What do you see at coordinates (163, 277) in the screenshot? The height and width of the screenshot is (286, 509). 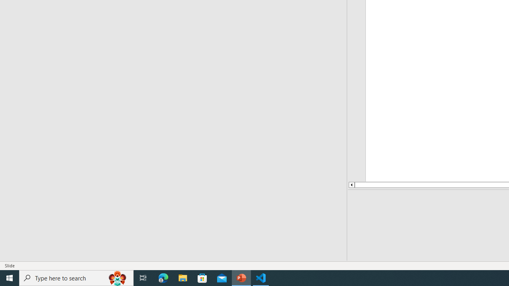 I see `'Microsoft Edge'` at bounding box center [163, 277].